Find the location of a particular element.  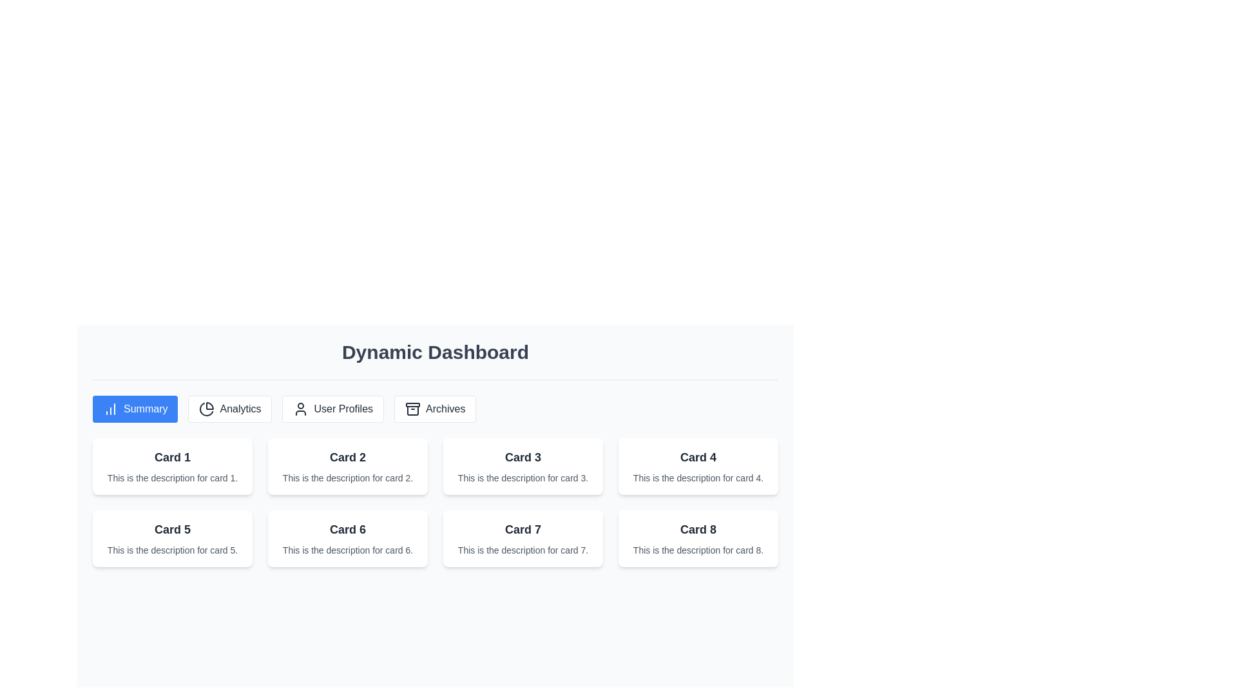

the title text of the 'Card 2' component, which is centrally located at the upper portion of the card is located at coordinates (347, 456).